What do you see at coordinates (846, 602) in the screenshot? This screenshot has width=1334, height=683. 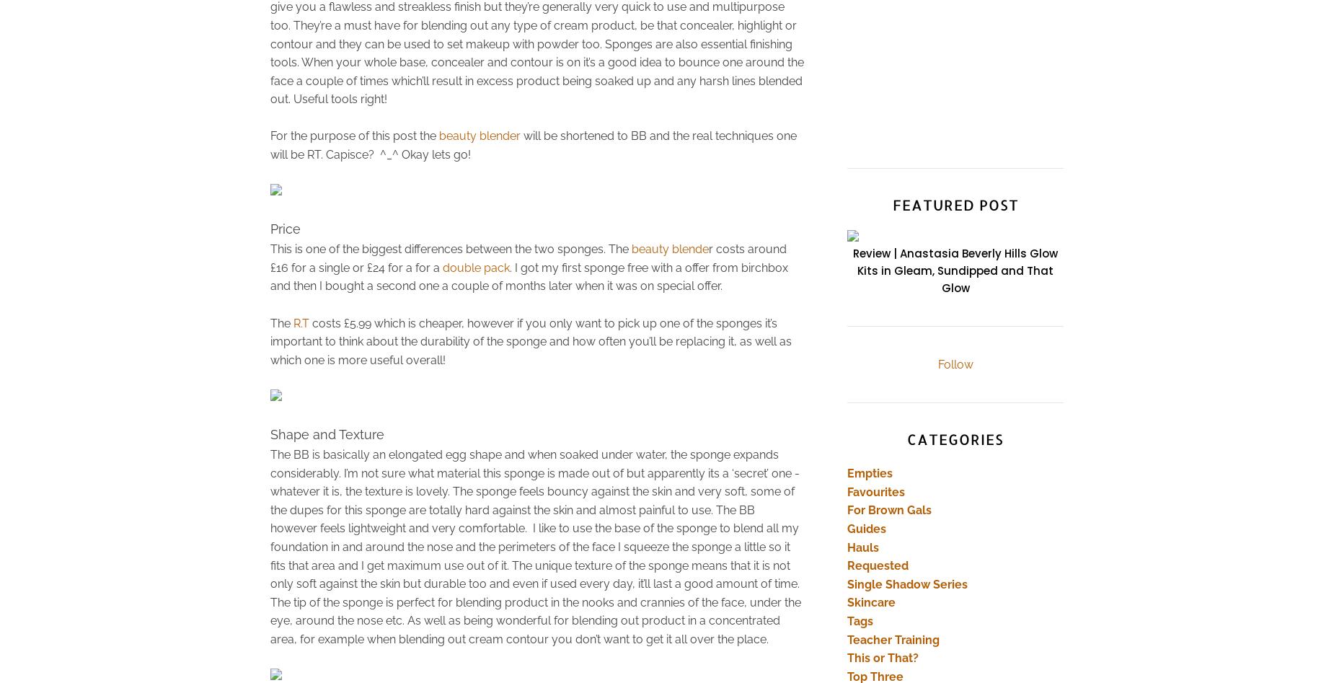 I see `'Skincare'` at bounding box center [846, 602].